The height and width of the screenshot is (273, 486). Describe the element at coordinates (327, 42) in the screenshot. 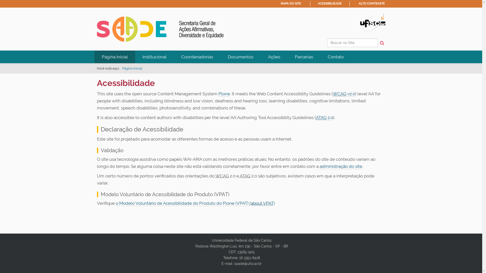

I see `'Buscar no Site'` at that location.